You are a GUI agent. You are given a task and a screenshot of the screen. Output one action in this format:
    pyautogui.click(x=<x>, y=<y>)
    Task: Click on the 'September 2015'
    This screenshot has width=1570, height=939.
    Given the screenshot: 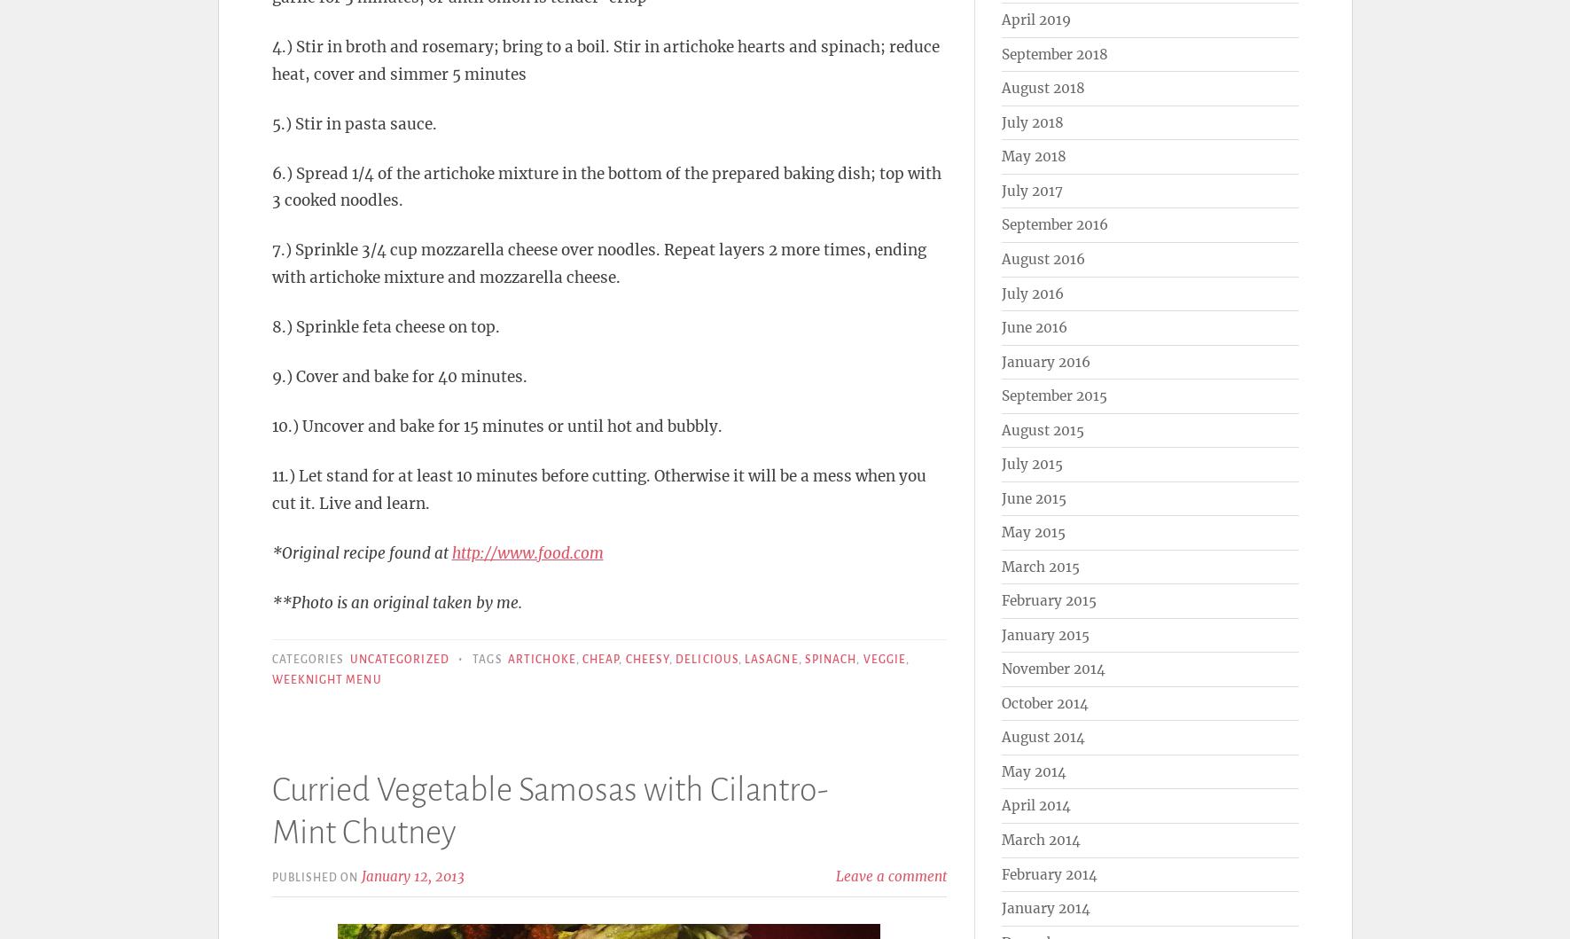 What is the action you would take?
    pyautogui.click(x=1053, y=395)
    